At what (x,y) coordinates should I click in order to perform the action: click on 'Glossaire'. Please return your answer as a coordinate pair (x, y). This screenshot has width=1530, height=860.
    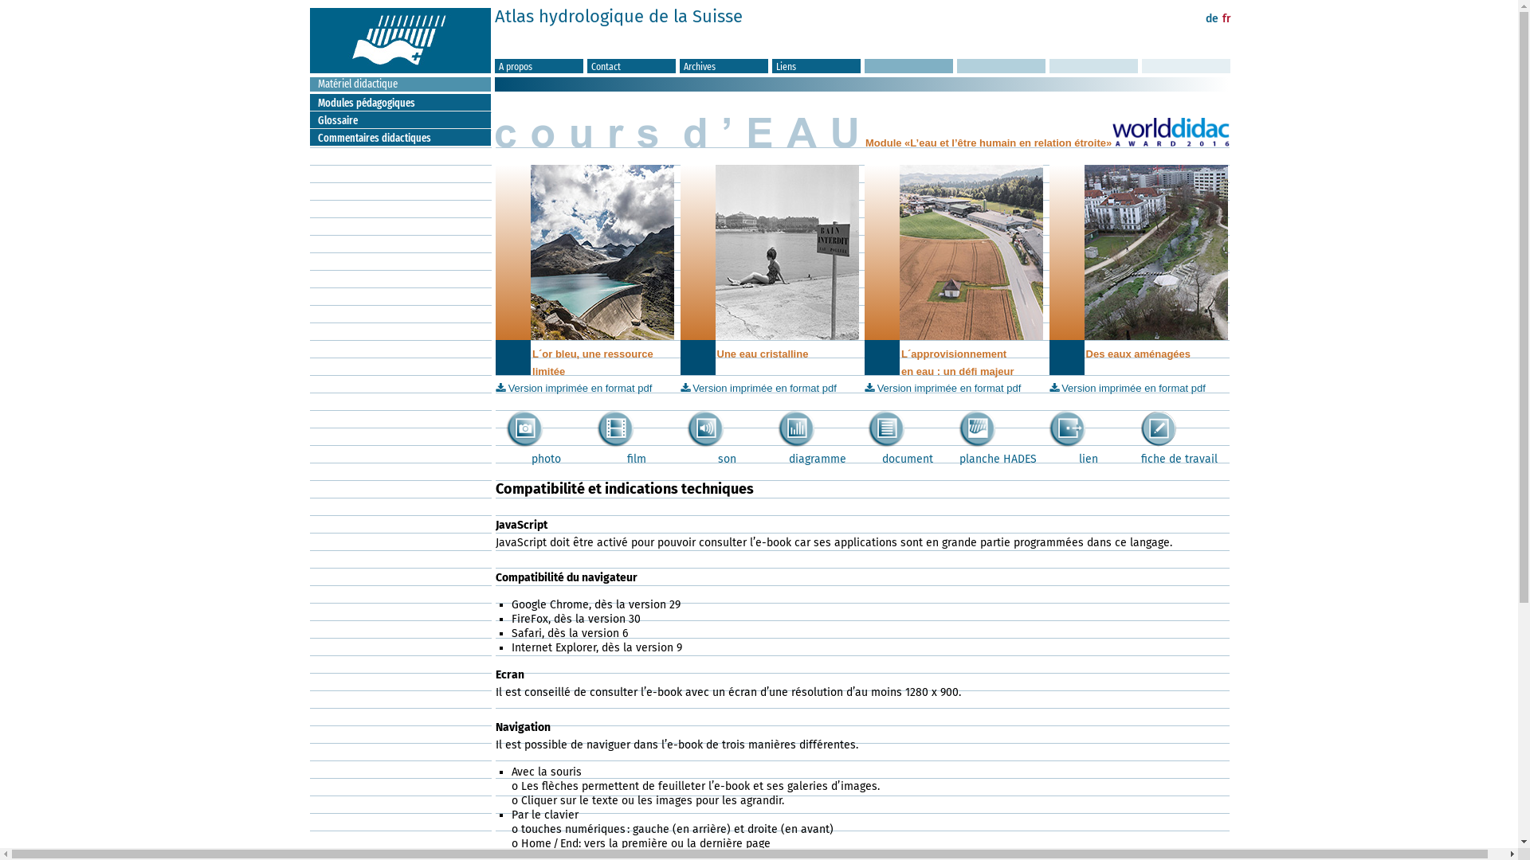
    Looking at the image, I should click on (404, 119).